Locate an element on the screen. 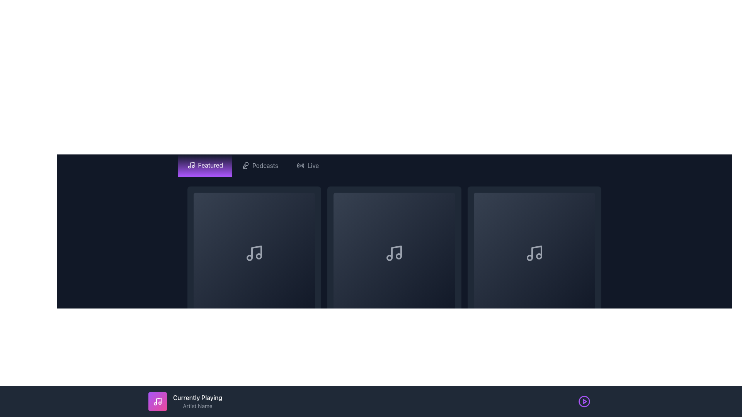 This screenshot has width=742, height=417. the second clickable playlist card located in the second column of the first row is located at coordinates (394, 264).